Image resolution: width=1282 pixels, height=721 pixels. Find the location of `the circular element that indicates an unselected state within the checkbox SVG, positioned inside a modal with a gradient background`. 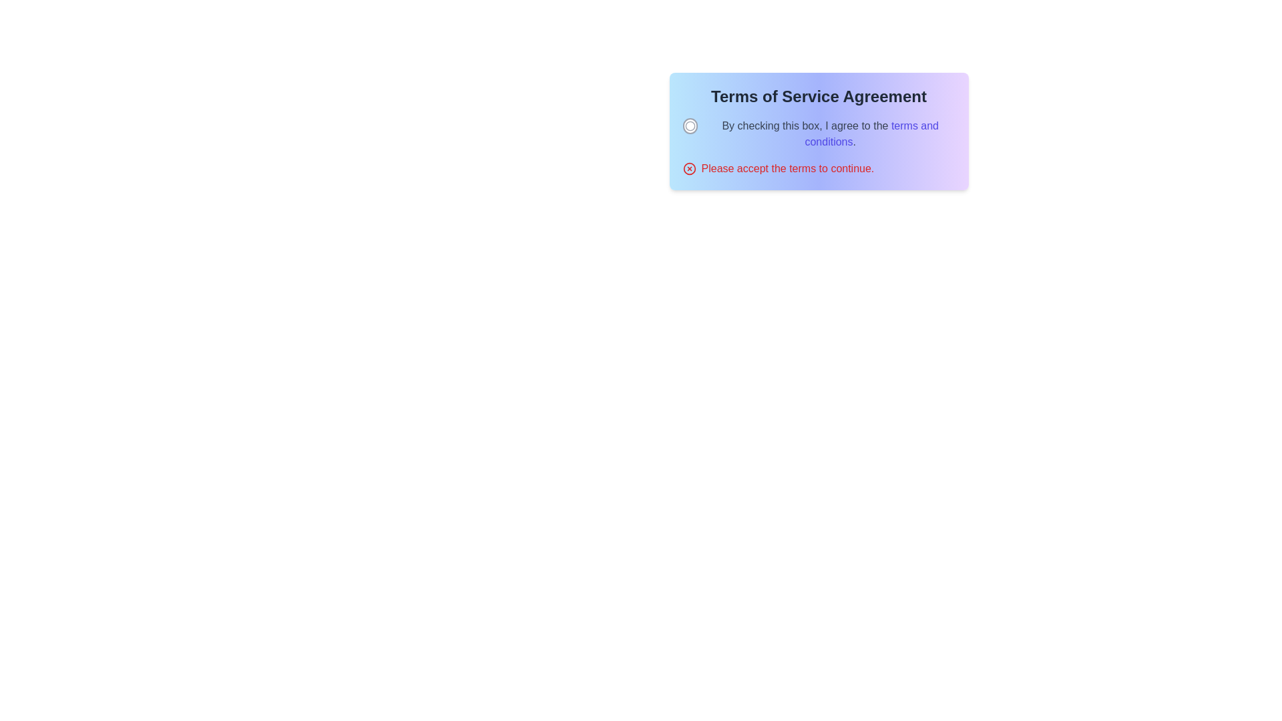

the circular element that indicates an unselected state within the checkbox SVG, positioned inside a modal with a gradient background is located at coordinates (690, 126).